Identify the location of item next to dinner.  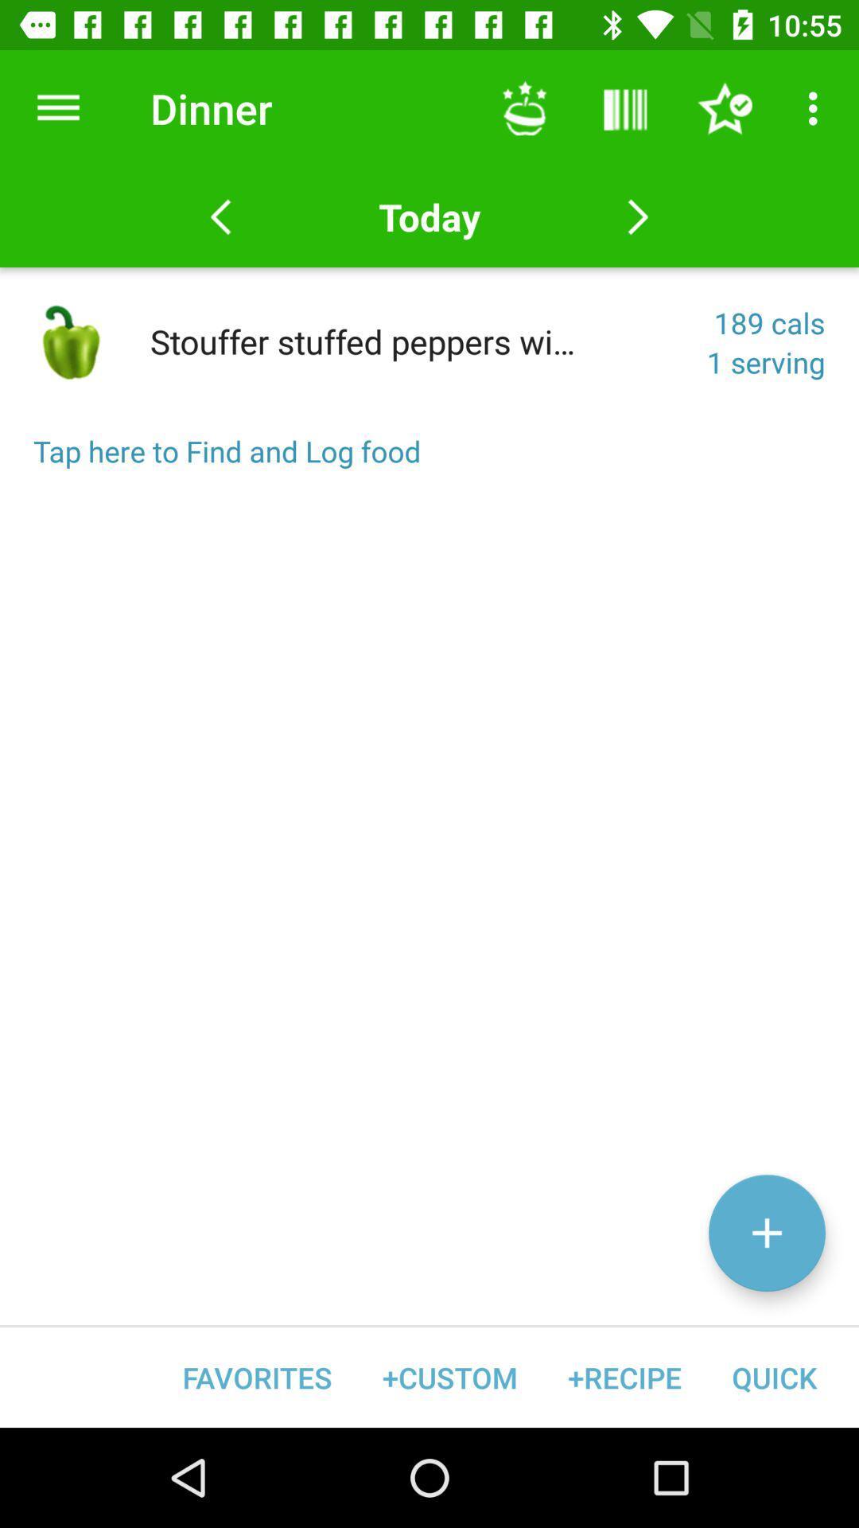
(57, 107).